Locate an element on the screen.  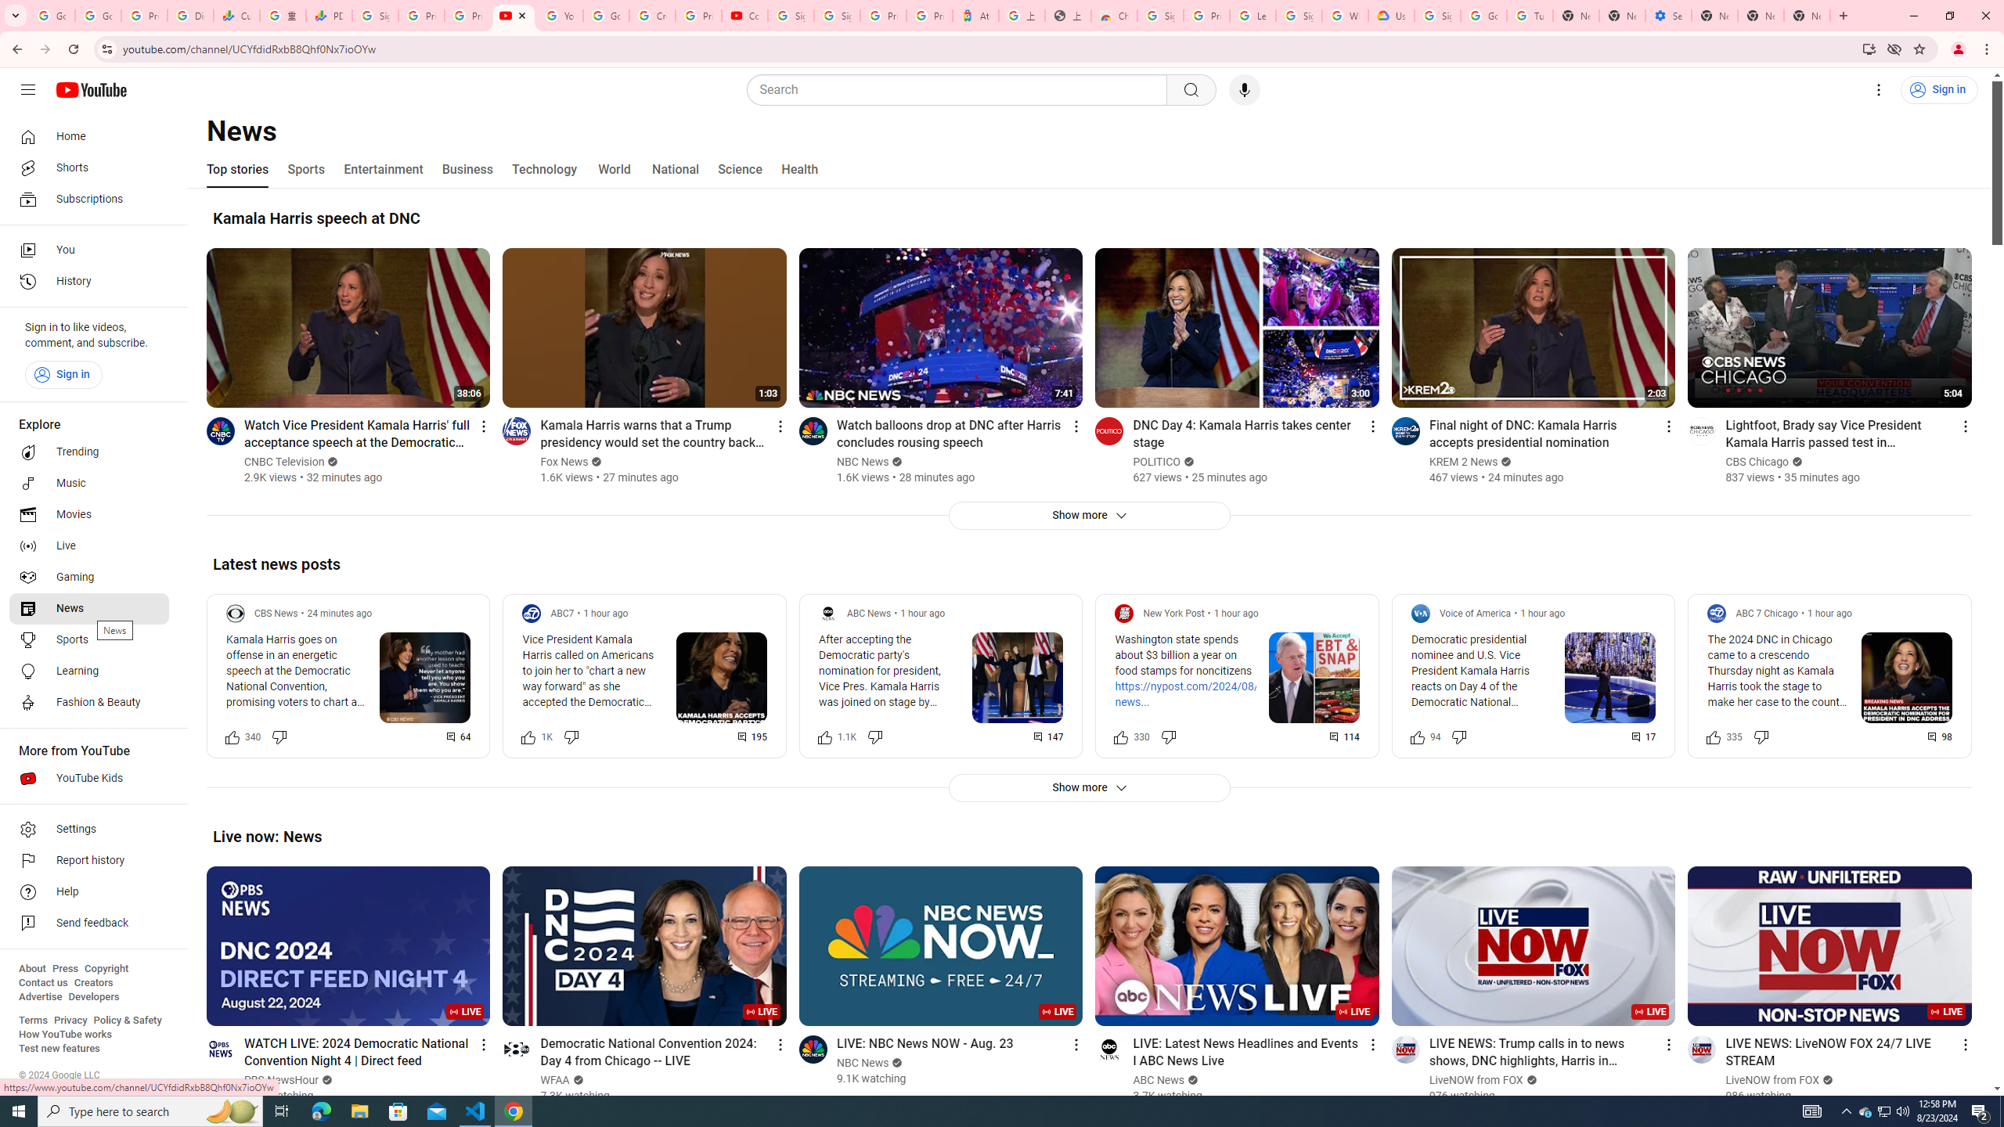
'Google Workspace Admin Community' is located at coordinates (51, 15).